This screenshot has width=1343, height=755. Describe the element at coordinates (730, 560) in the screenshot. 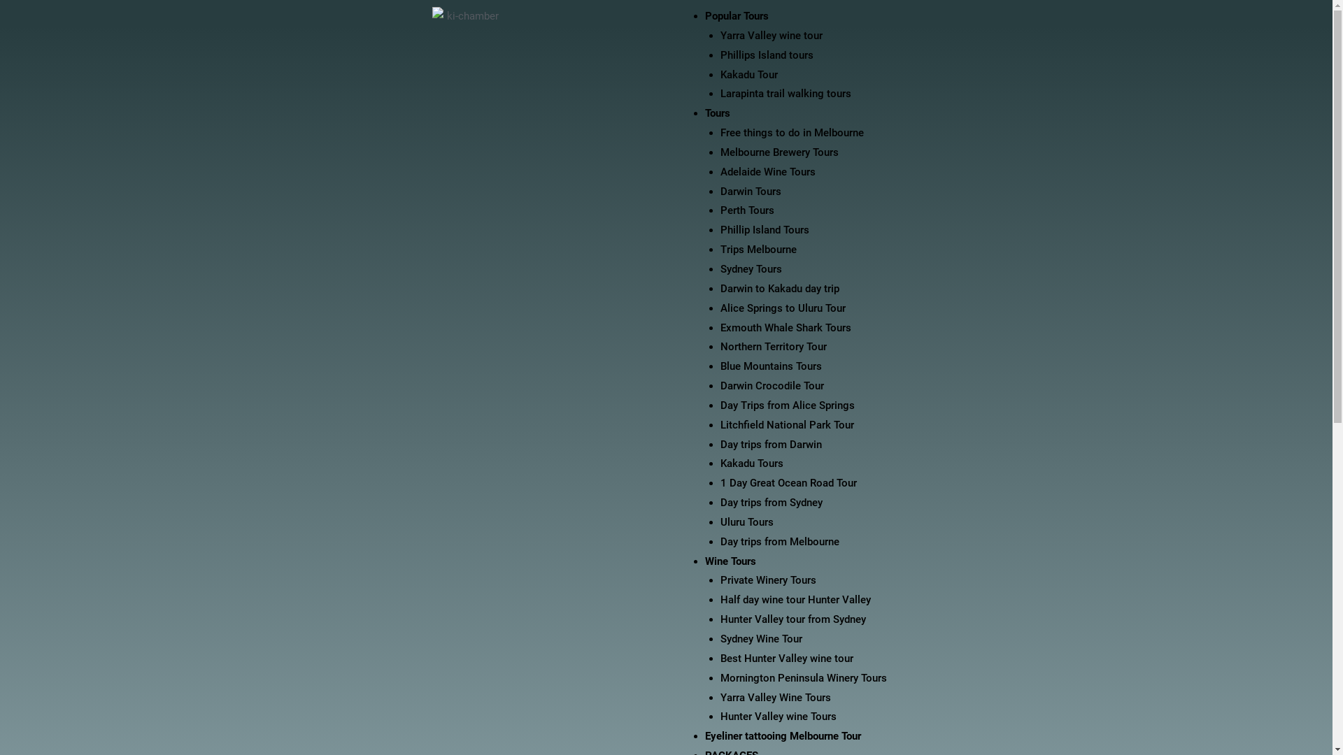

I see `'Wine Tours'` at that location.